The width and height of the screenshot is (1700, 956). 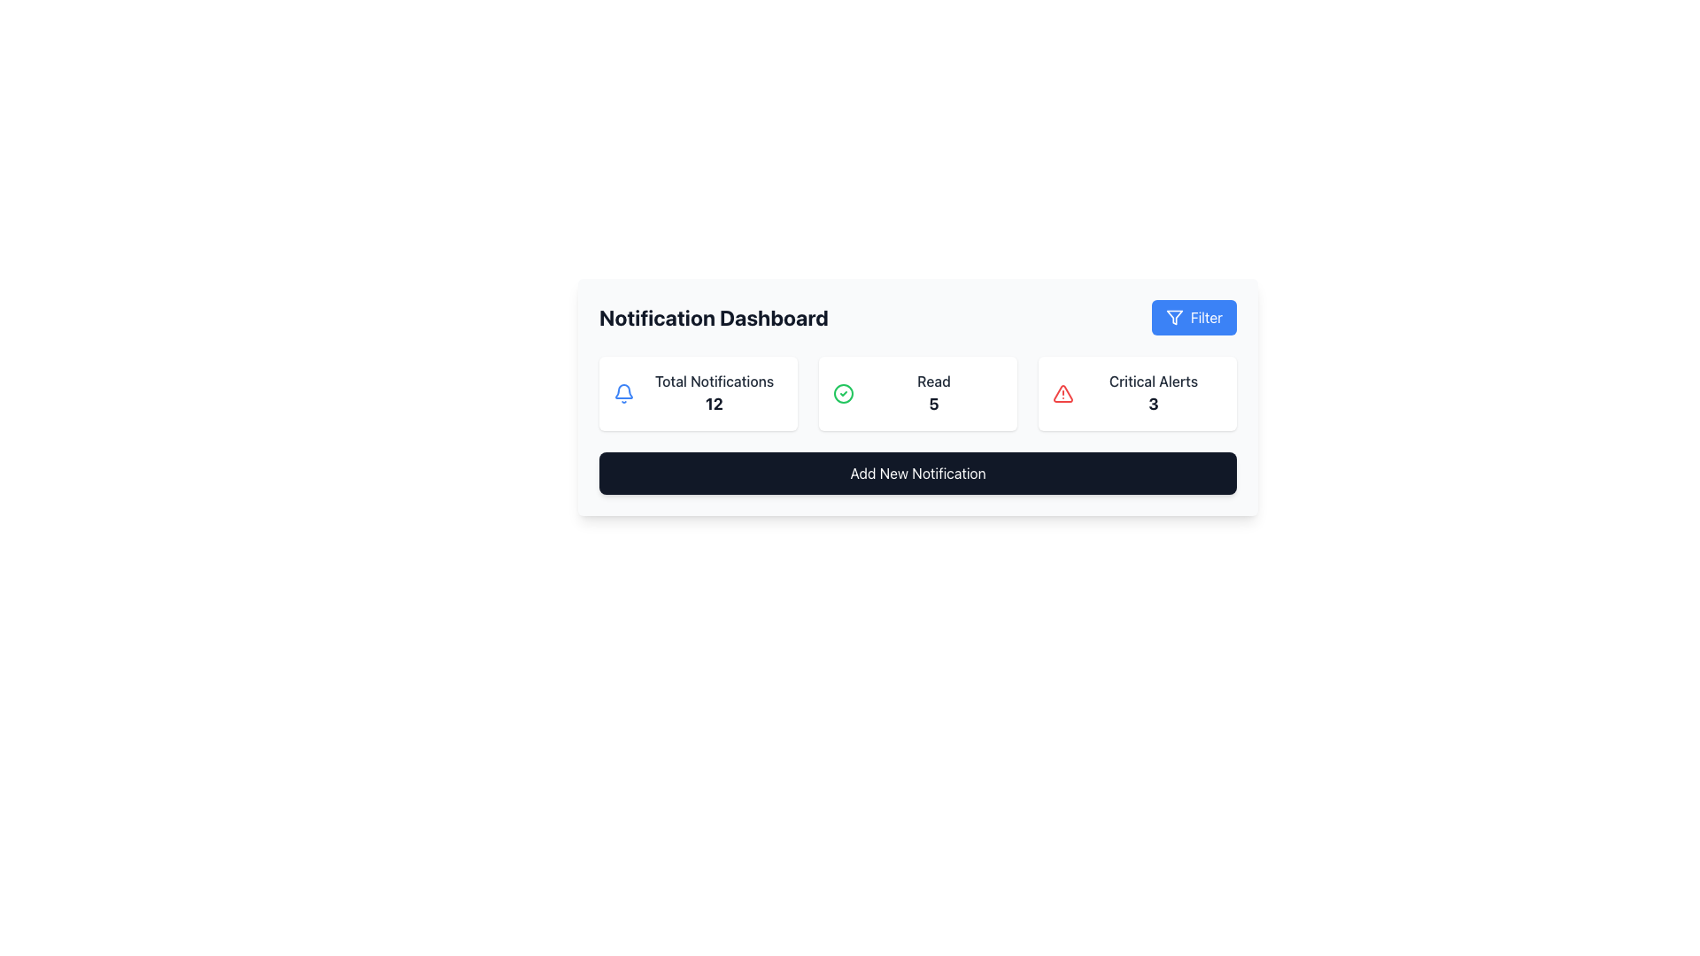 I want to click on the 'Critical Alerts' label, which is styled in medium-weight gray font and positioned above the number '3' in the notification dashboard, so click(x=1153, y=381).